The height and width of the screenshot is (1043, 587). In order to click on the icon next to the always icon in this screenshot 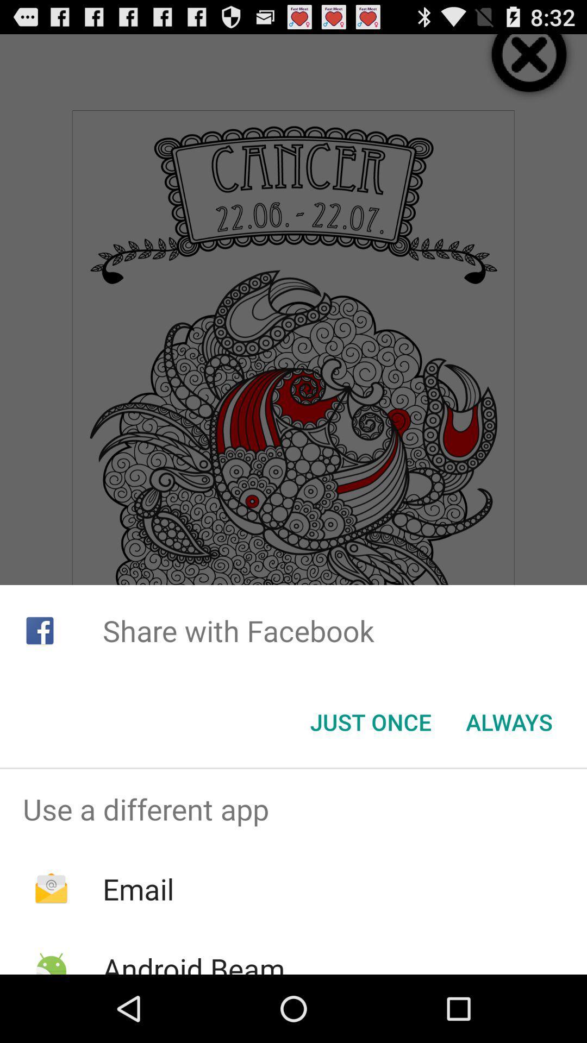, I will do `click(370, 722)`.